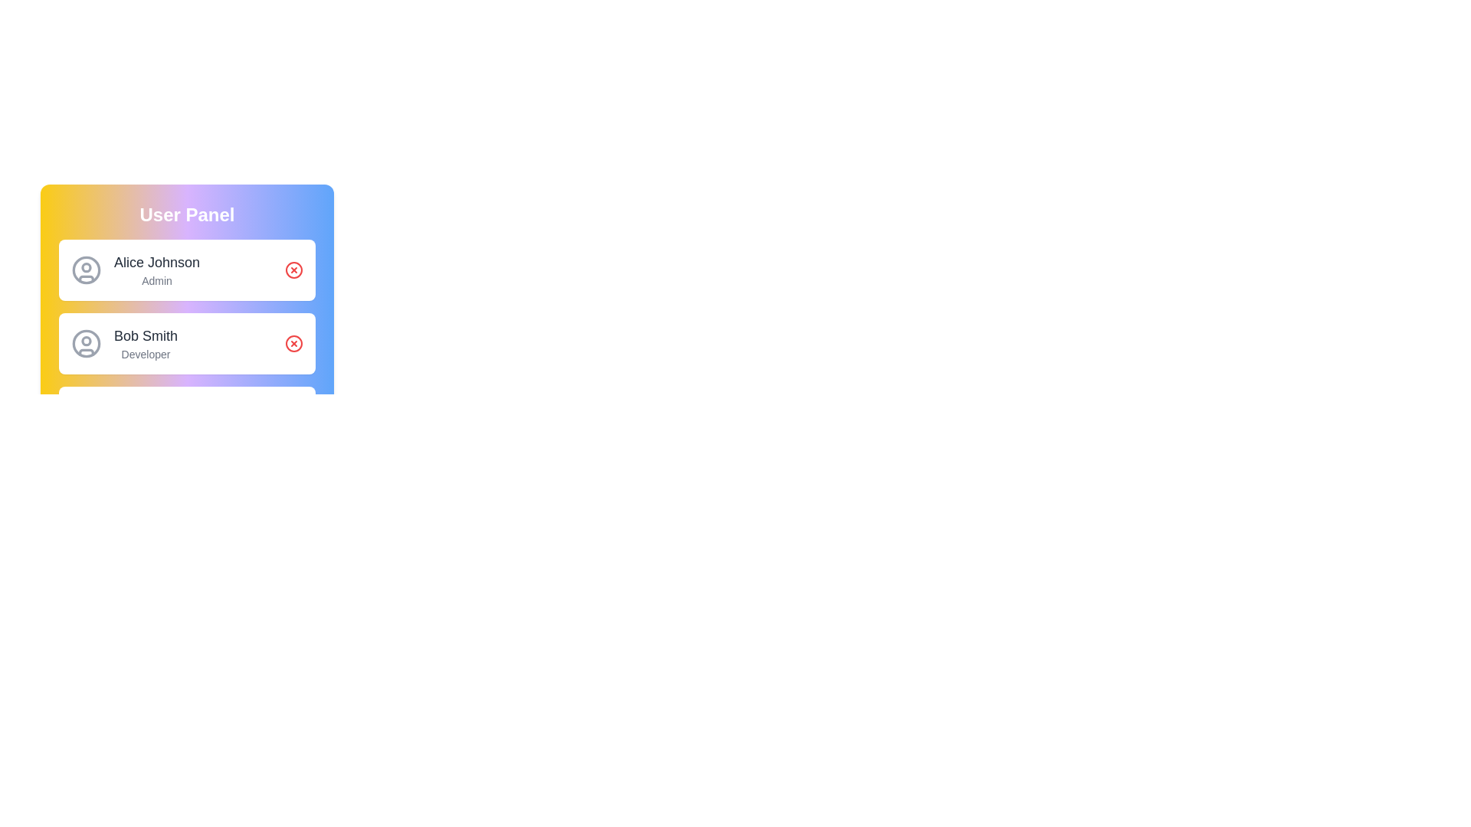  I want to click on the user profile icon for 'Alice Johnson' located in the upper card of the user panel, which is aligned horizontally with the user name text, so click(86, 270).